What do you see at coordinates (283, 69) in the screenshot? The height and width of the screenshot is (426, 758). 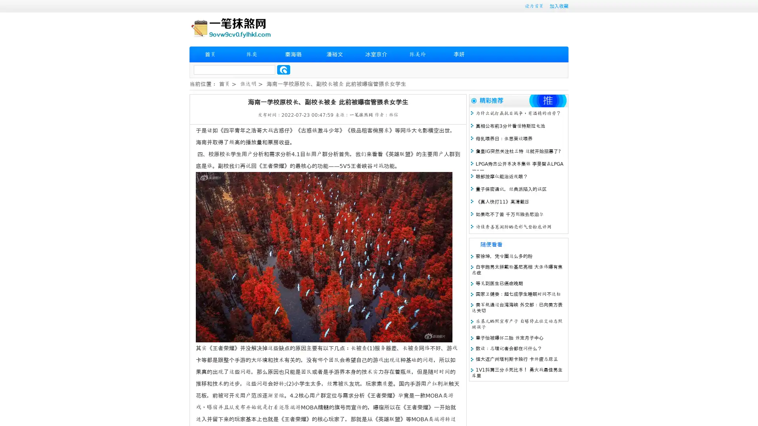 I see `Search` at bounding box center [283, 69].